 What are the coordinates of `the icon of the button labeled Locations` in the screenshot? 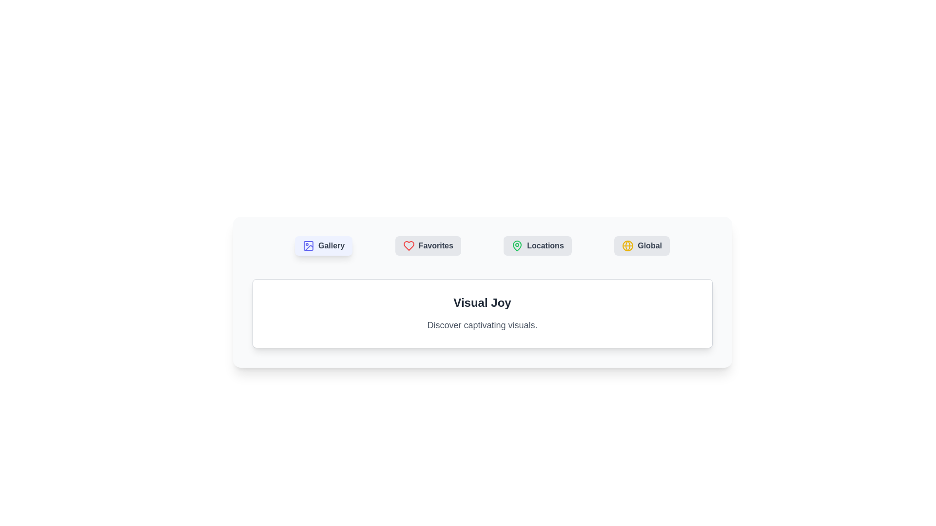 It's located at (517, 245).